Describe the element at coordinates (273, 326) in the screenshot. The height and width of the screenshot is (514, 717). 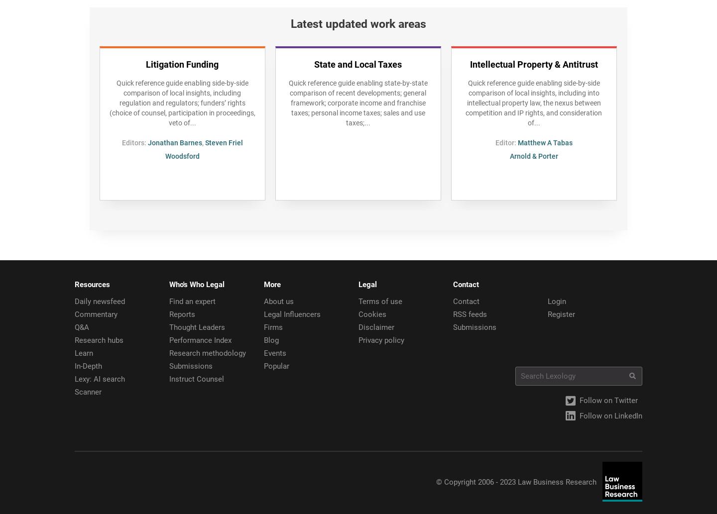
I see `'Firms'` at that location.